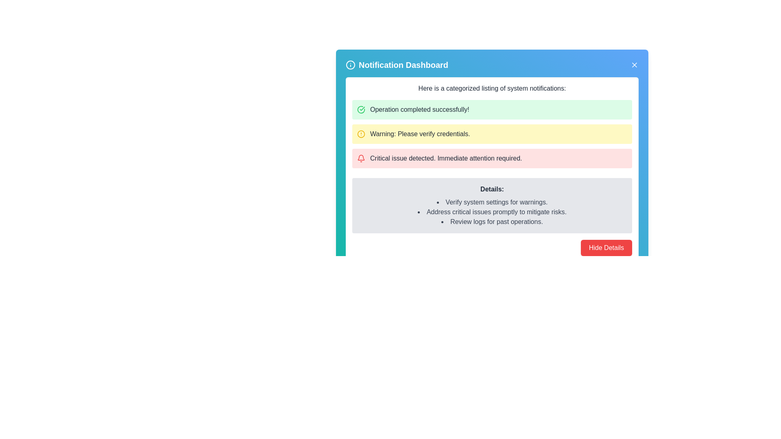  What do you see at coordinates (606, 247) in the screenshot?
I see `the button located at the bottom-right of the notification panel to hide the details section` at bounding box center [606, 247].